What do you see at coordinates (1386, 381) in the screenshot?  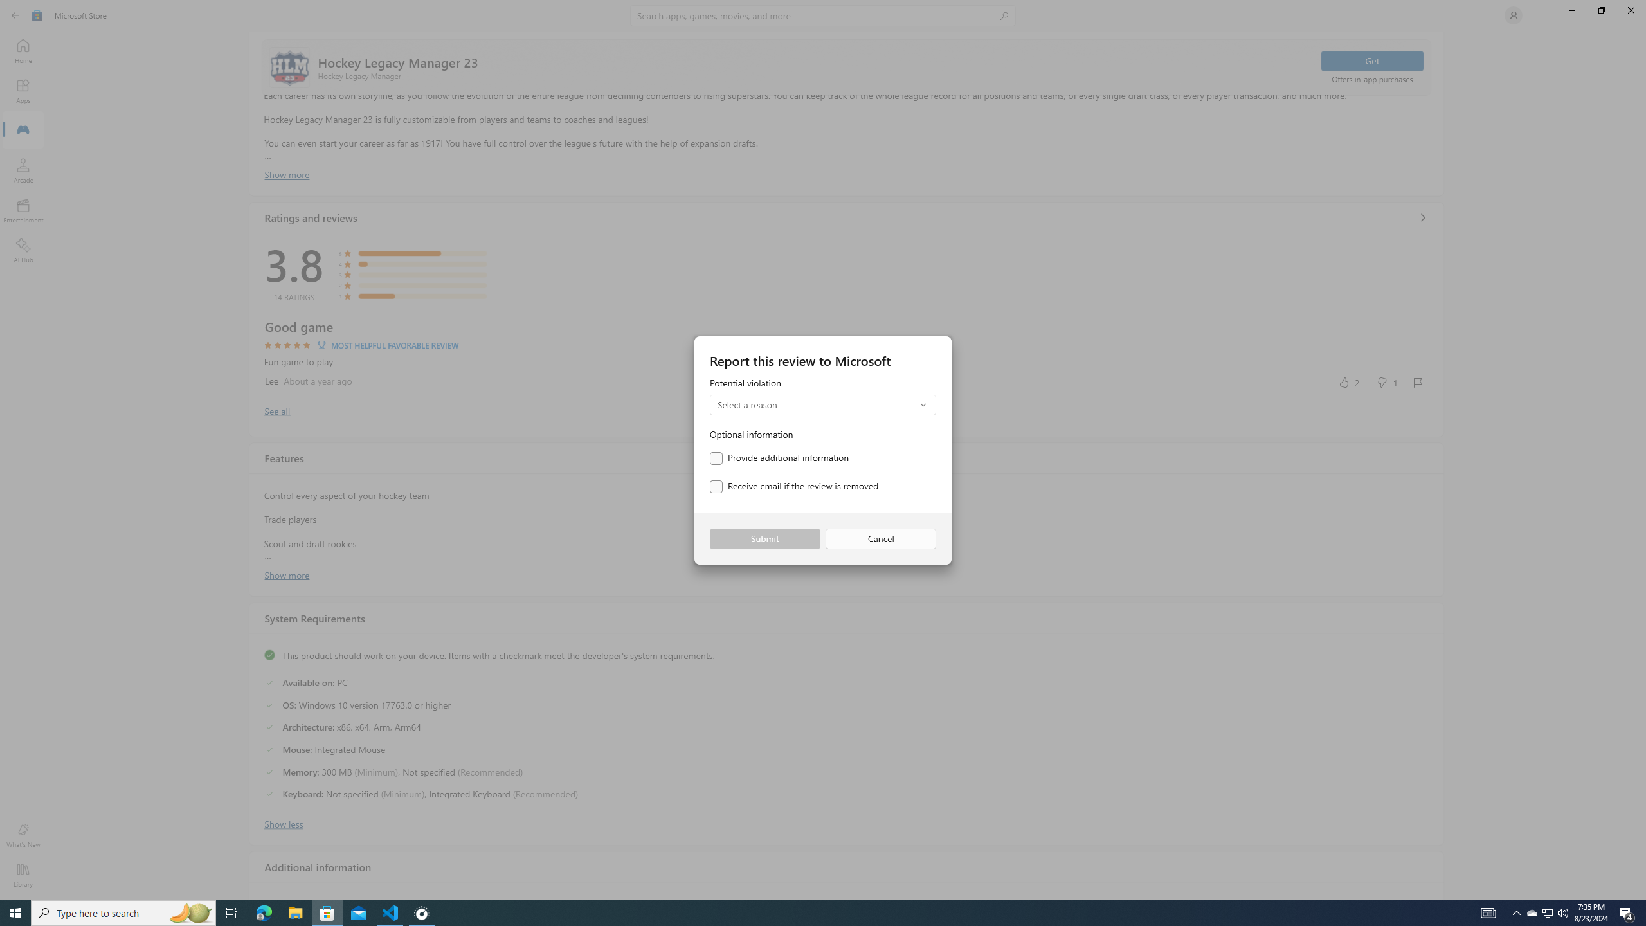 I see `'No, this was not helpful. 1 votes.'` at bounding box center [1386, 381].